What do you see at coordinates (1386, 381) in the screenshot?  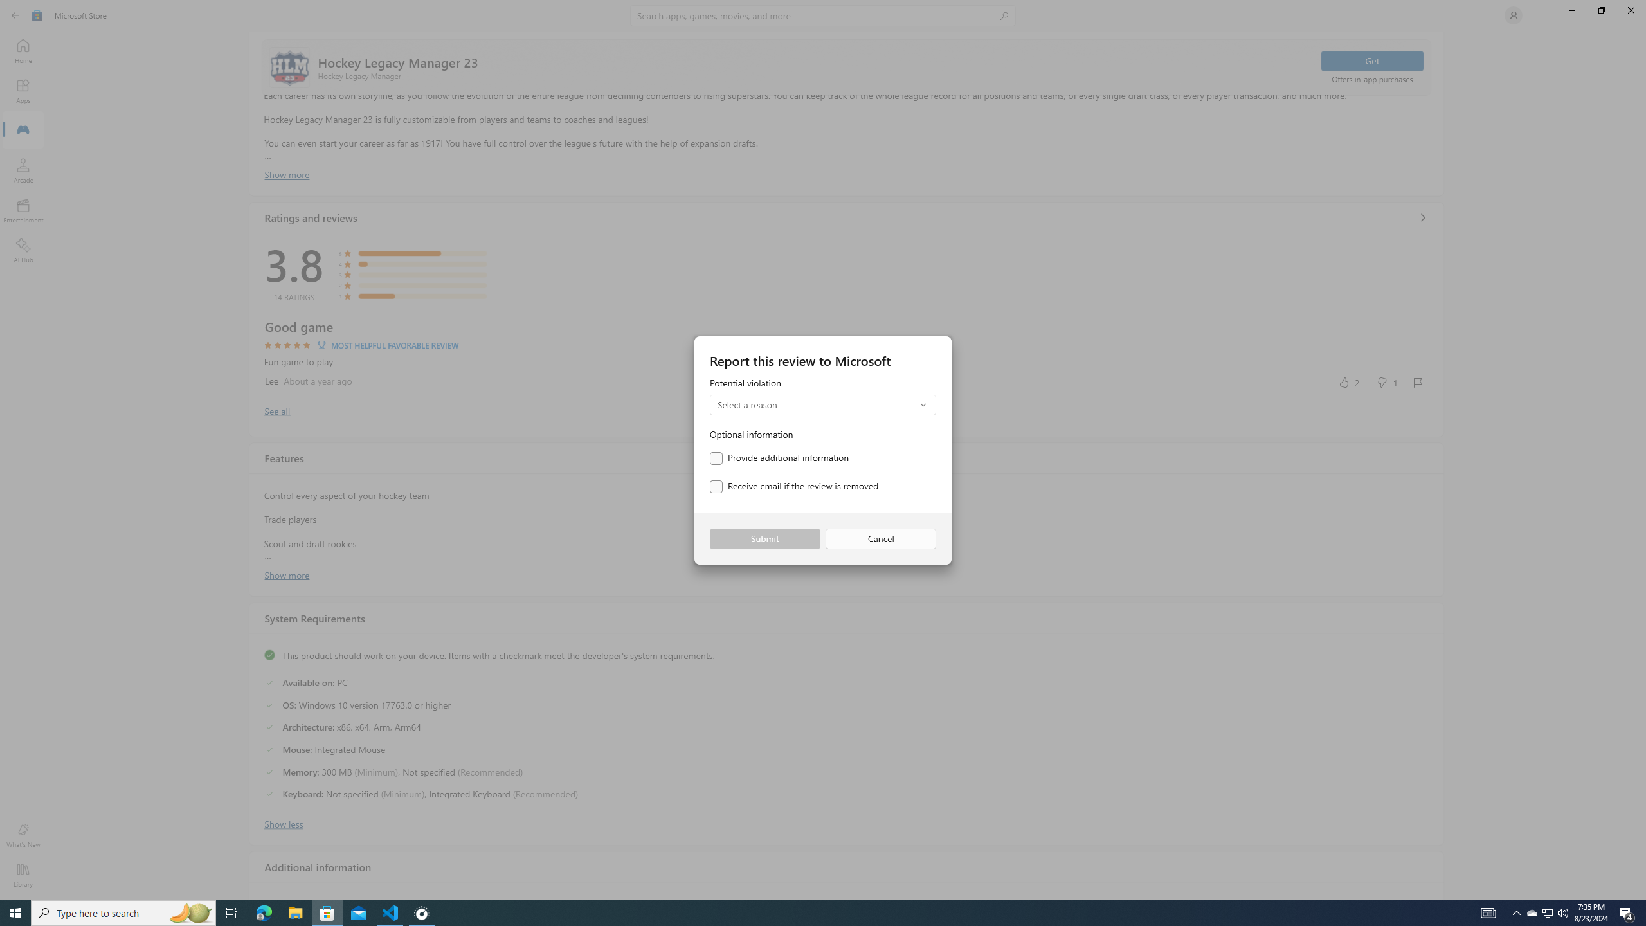 I see `'No, this was not helpful. 1 votes.'` at bounding box center [1386, 381].